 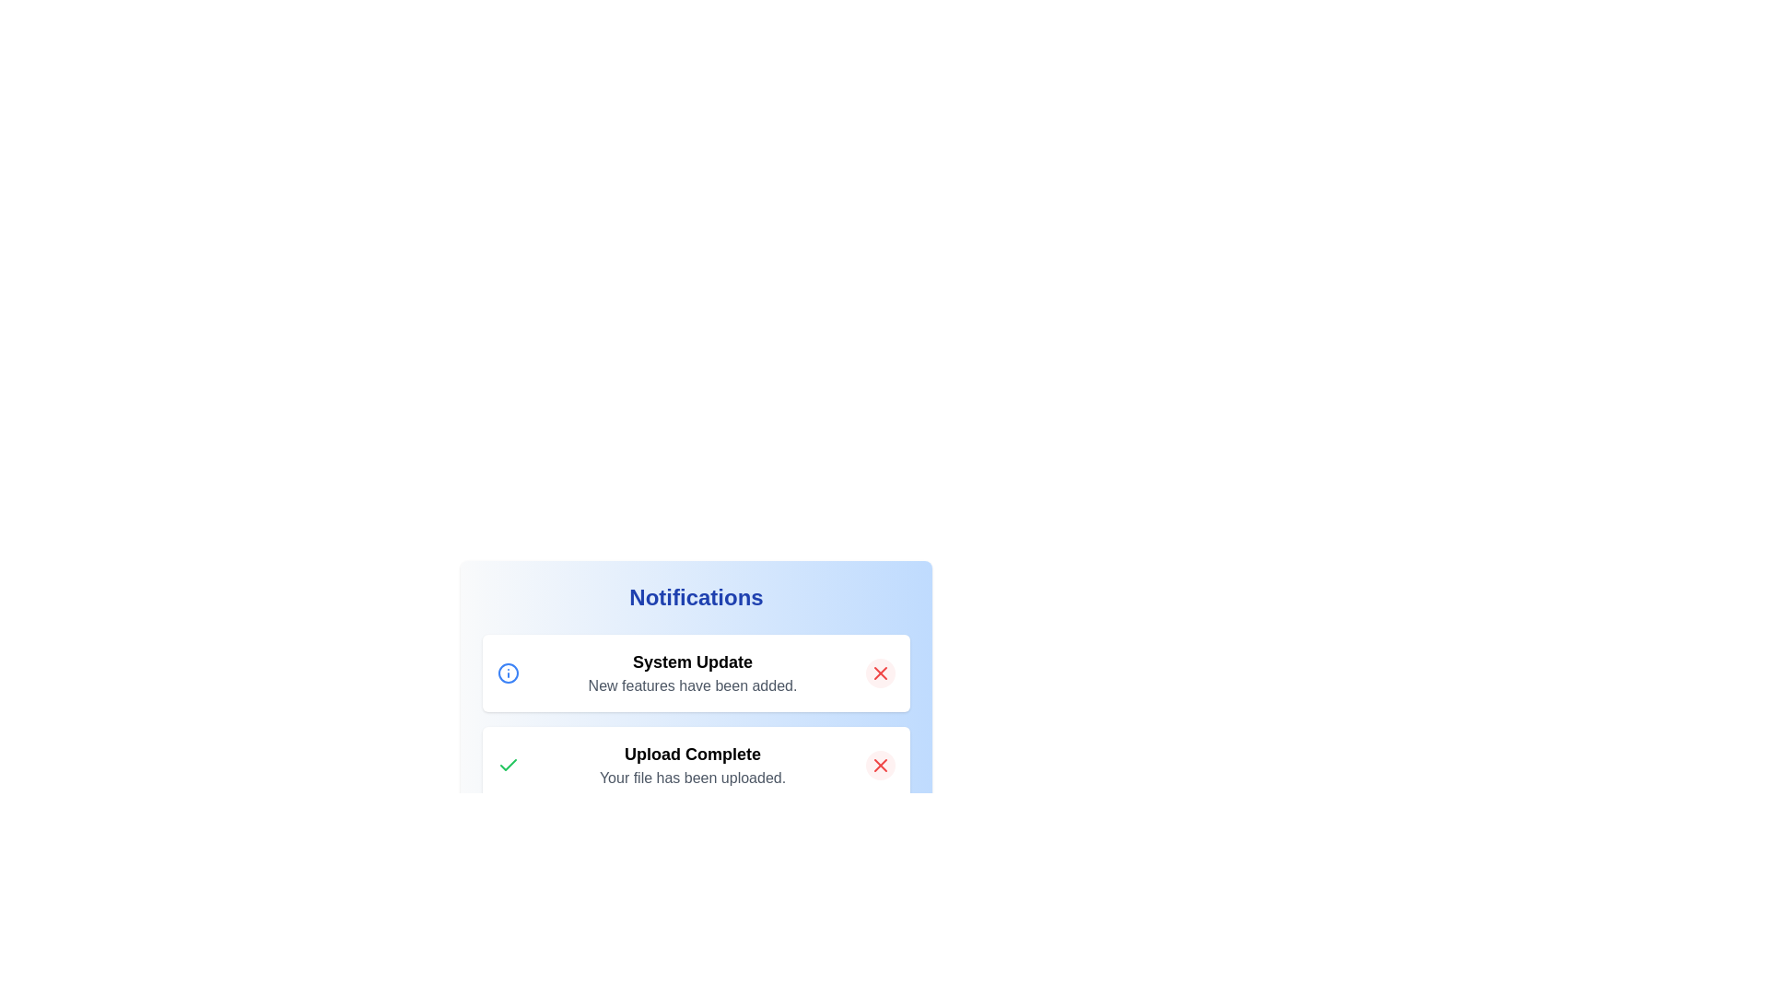 I want to click on the notification by reading the text label that states 'Upload Complete' and 'Your file has been uploaded.', so click(x=692, y=765).